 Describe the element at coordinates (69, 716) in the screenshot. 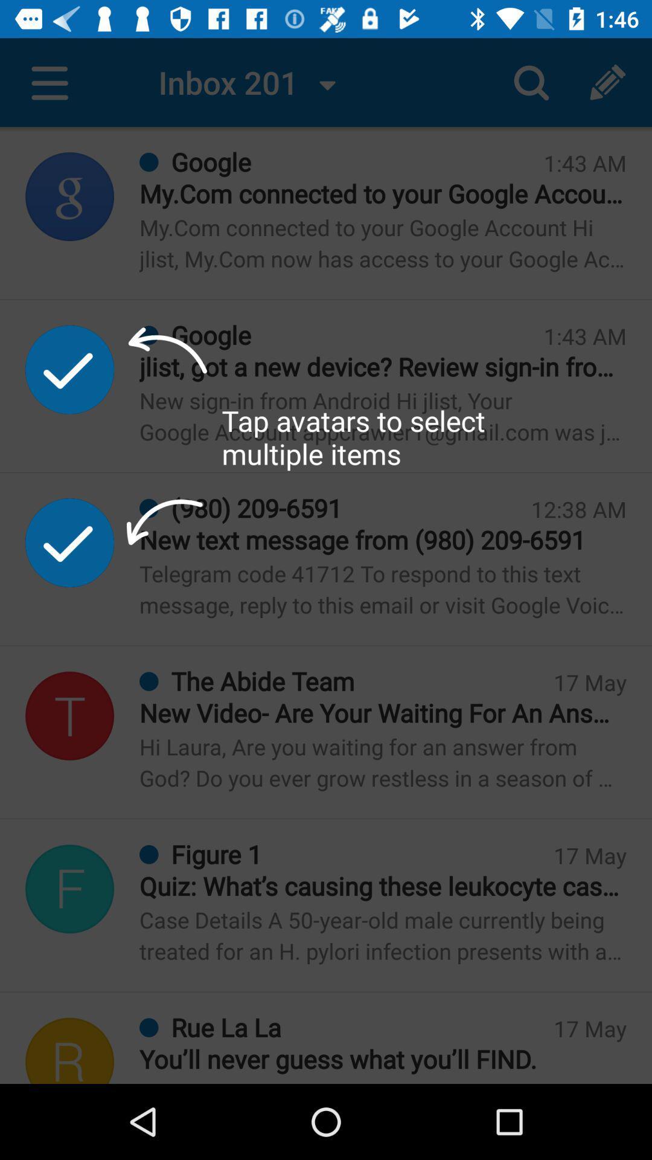

I see `the avatar icon` at that location.